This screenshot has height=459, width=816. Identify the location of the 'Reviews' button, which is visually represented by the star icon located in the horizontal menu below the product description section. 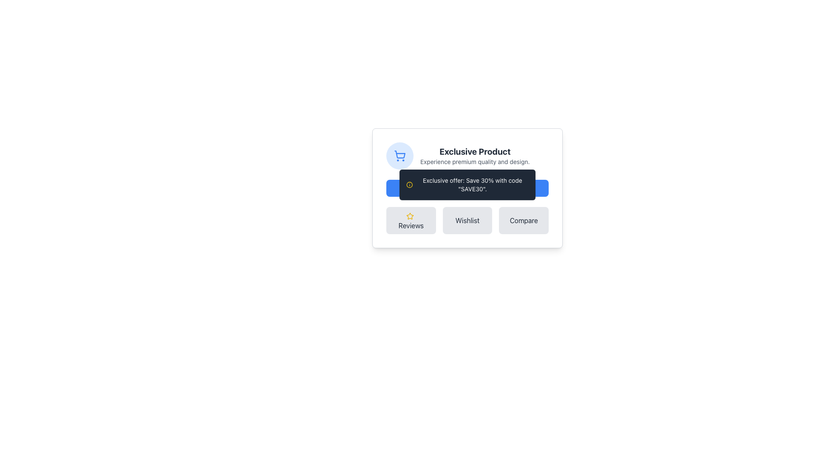
(410, 215).